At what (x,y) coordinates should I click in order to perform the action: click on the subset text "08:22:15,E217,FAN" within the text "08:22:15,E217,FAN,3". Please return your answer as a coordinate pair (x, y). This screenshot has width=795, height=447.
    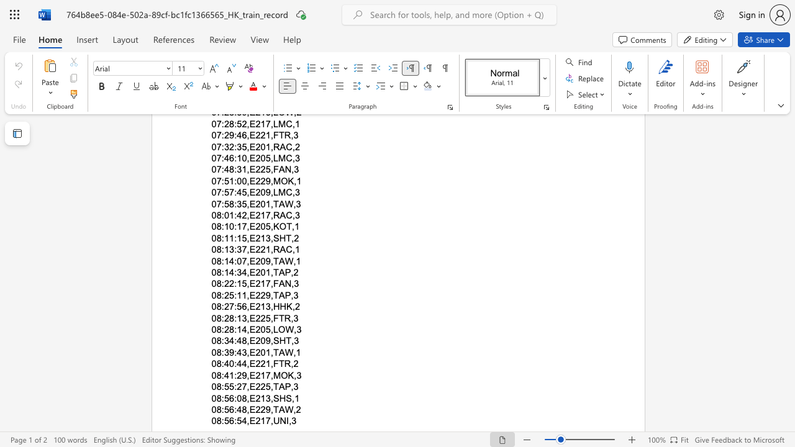
    Looking at the image, I should click on (211, 284).